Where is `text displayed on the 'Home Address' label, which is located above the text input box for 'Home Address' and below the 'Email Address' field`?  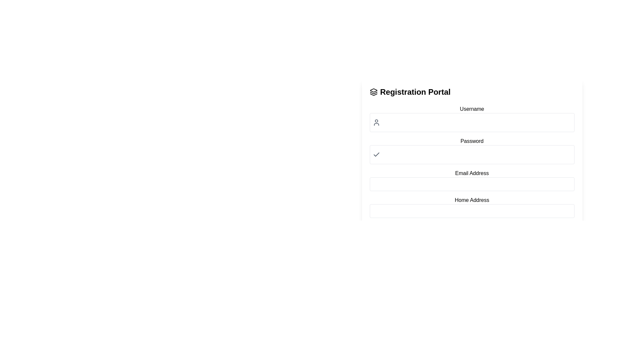 text displayed on the 'Home Address' label, which is located above the text input box for 'Home Address' and below the 'Email Address' field is located at coordinates (472, 200).